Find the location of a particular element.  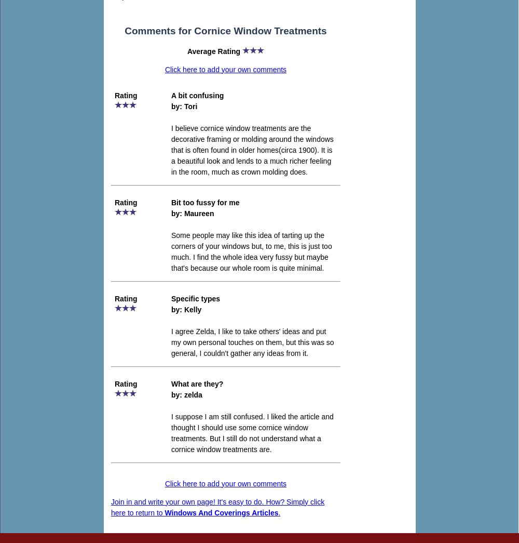

'I suppose I am still confused. I liked the article and thought I should use some cornice window treatments. But I still do not understand what a cornice window treatments are.' is located at coordinates (252, 432).